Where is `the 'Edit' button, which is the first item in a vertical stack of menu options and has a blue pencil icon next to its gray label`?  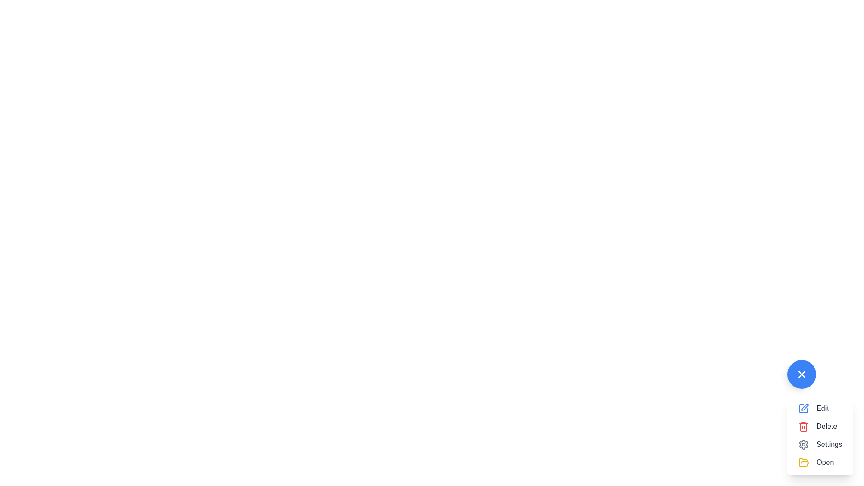
the 'Edit' button, which is the first item in a vertical stack of menu options and has a blue pencil icon next to its gray label is located at coordinates (820, 408).